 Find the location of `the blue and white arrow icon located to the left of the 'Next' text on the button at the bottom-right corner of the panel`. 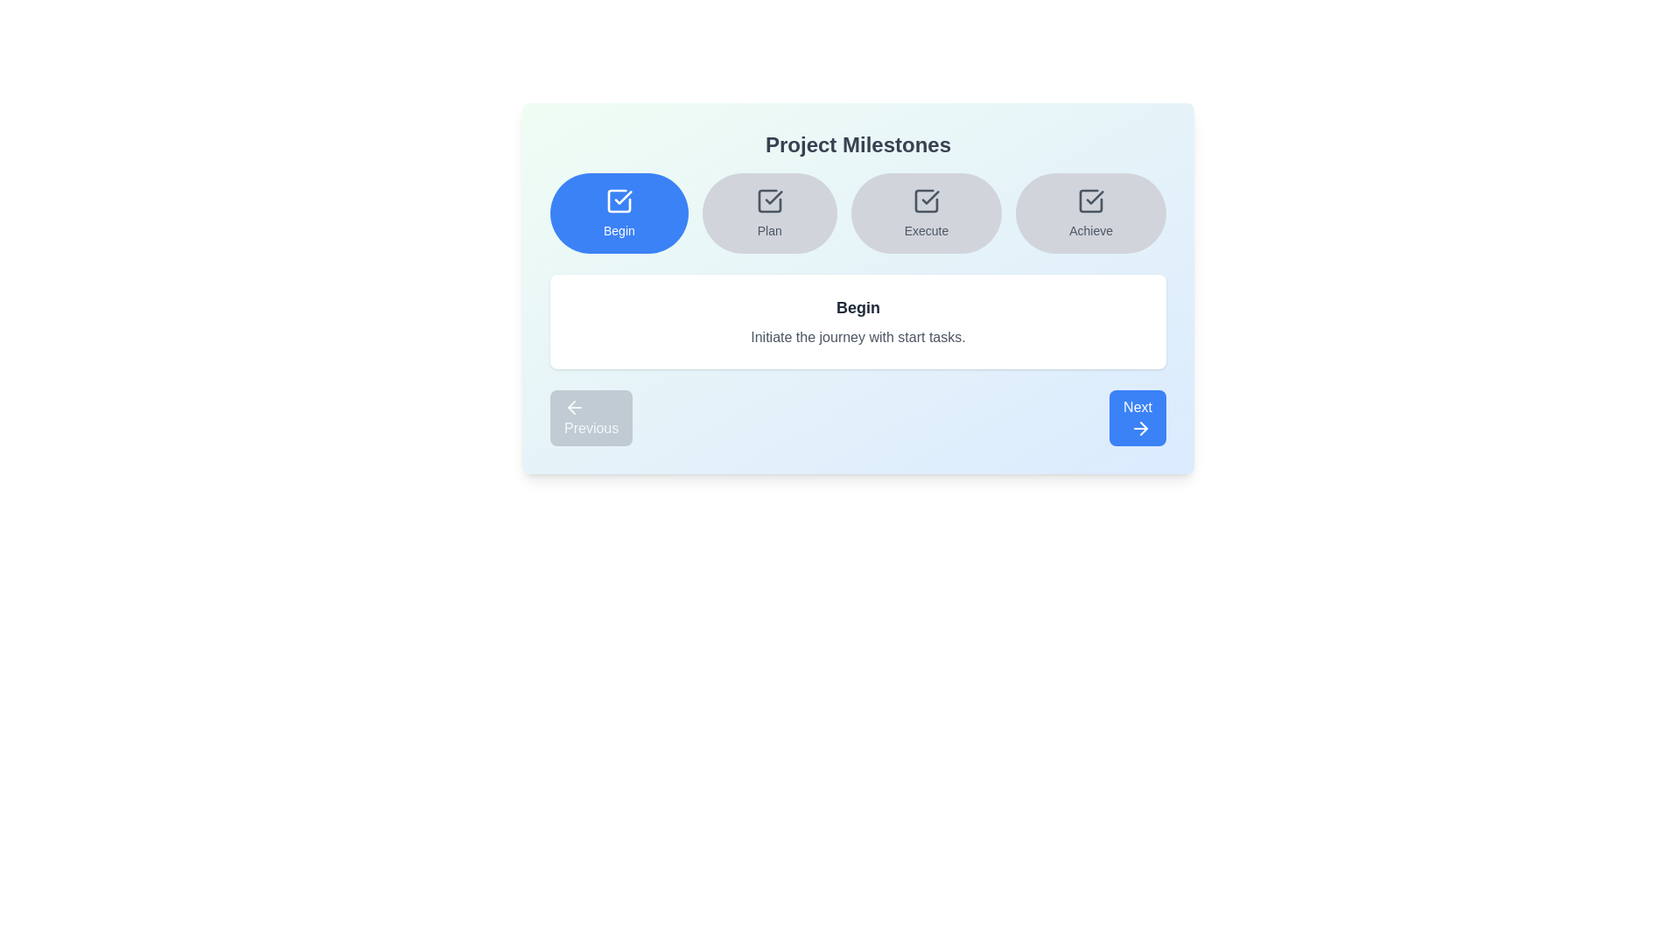

the blue and white arrow icon located to the left of the 'Next' text on the button at the bottom-right corner of the panel is located at coordinates (1141, 428).